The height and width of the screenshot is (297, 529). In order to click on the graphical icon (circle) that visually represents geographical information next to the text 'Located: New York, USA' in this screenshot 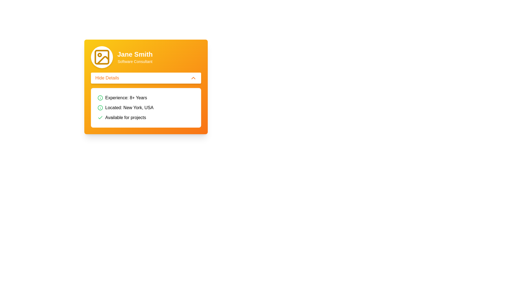, I will do `click(100, 97)`.